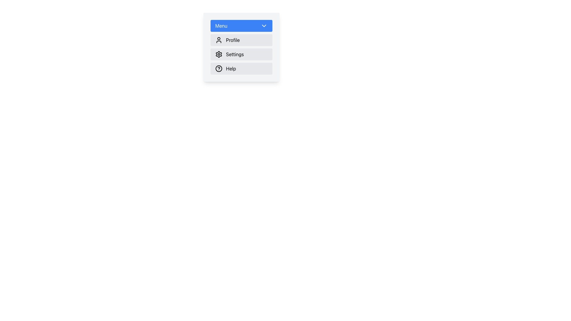 The height and width of the screenshot is (321, 571). What do you see at coordinates (241, 40) in the screenshot?
I see `the first navigational button below the 'Menu' dropdown` at bounding box center [241, 40].